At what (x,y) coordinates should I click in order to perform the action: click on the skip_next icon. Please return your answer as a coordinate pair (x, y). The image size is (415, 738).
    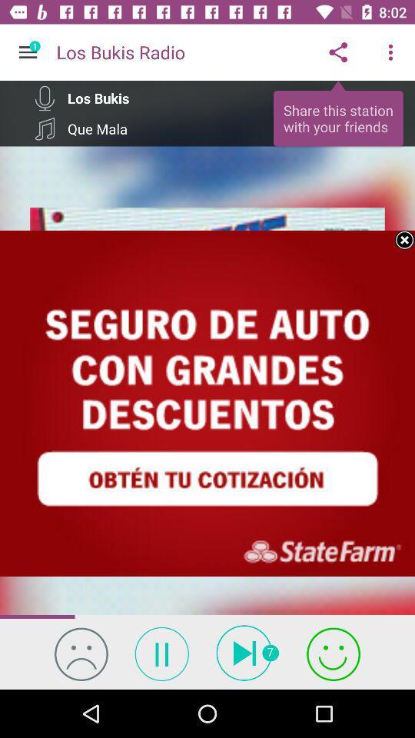
    Looking at the image, I should click on (247, 652).